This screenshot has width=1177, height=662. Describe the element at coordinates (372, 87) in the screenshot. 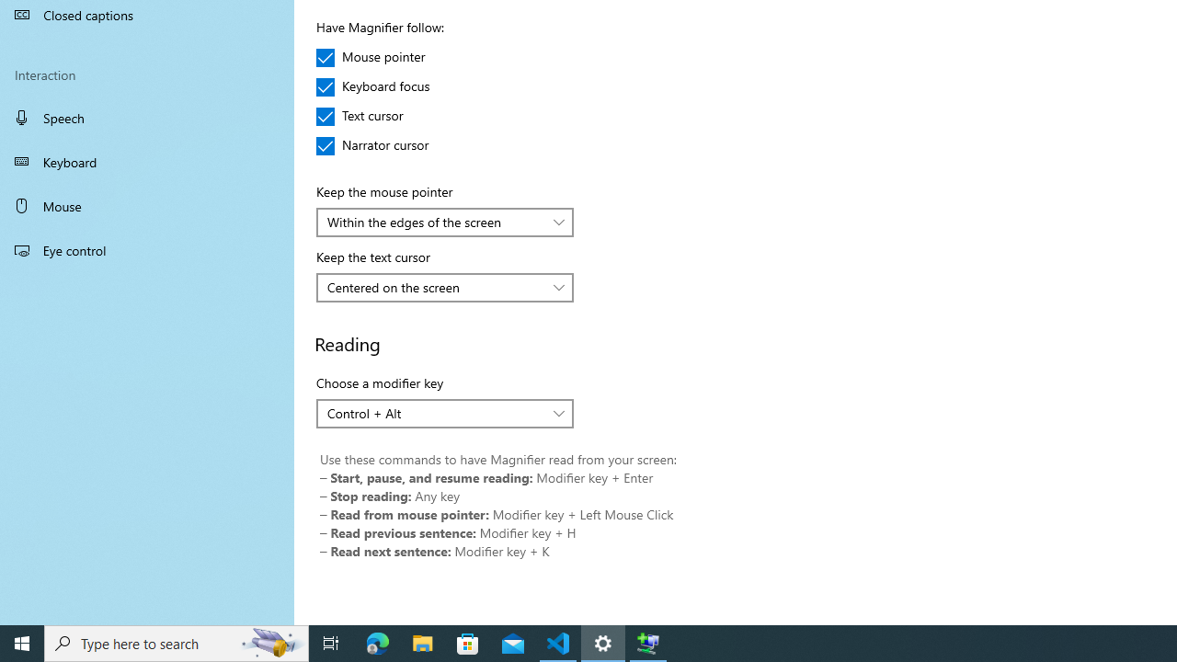

I see `'Keyboard focus'` at that location.